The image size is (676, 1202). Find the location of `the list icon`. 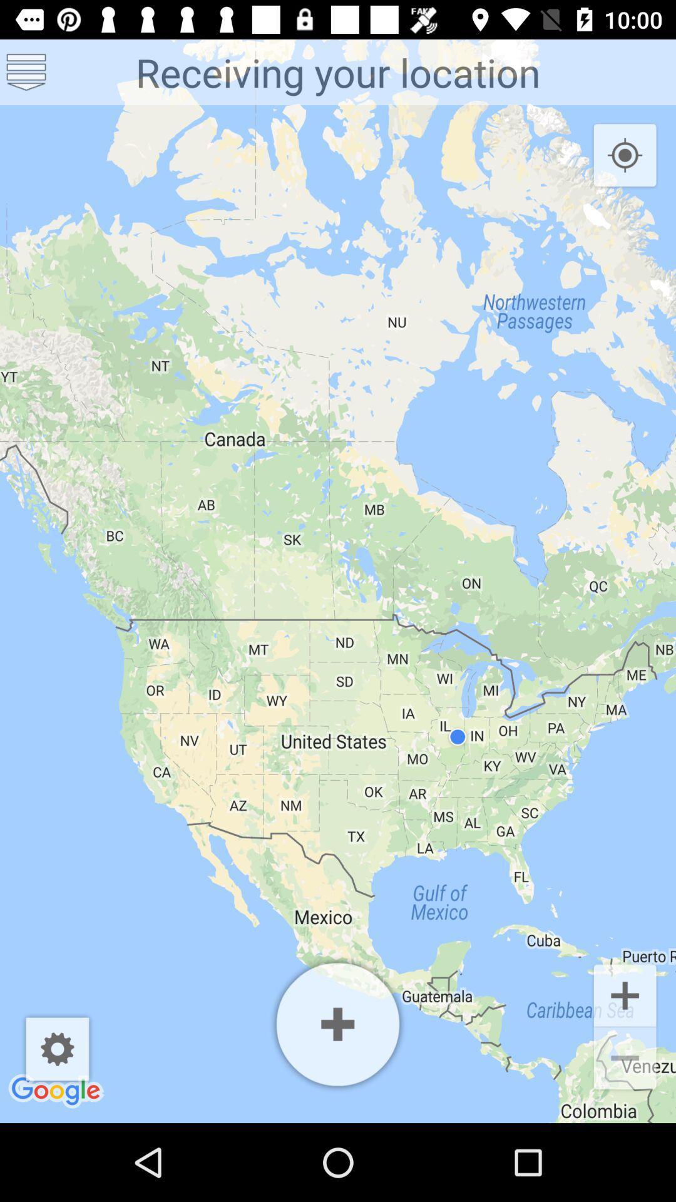

the list icon is located at coordinates (26, 71).